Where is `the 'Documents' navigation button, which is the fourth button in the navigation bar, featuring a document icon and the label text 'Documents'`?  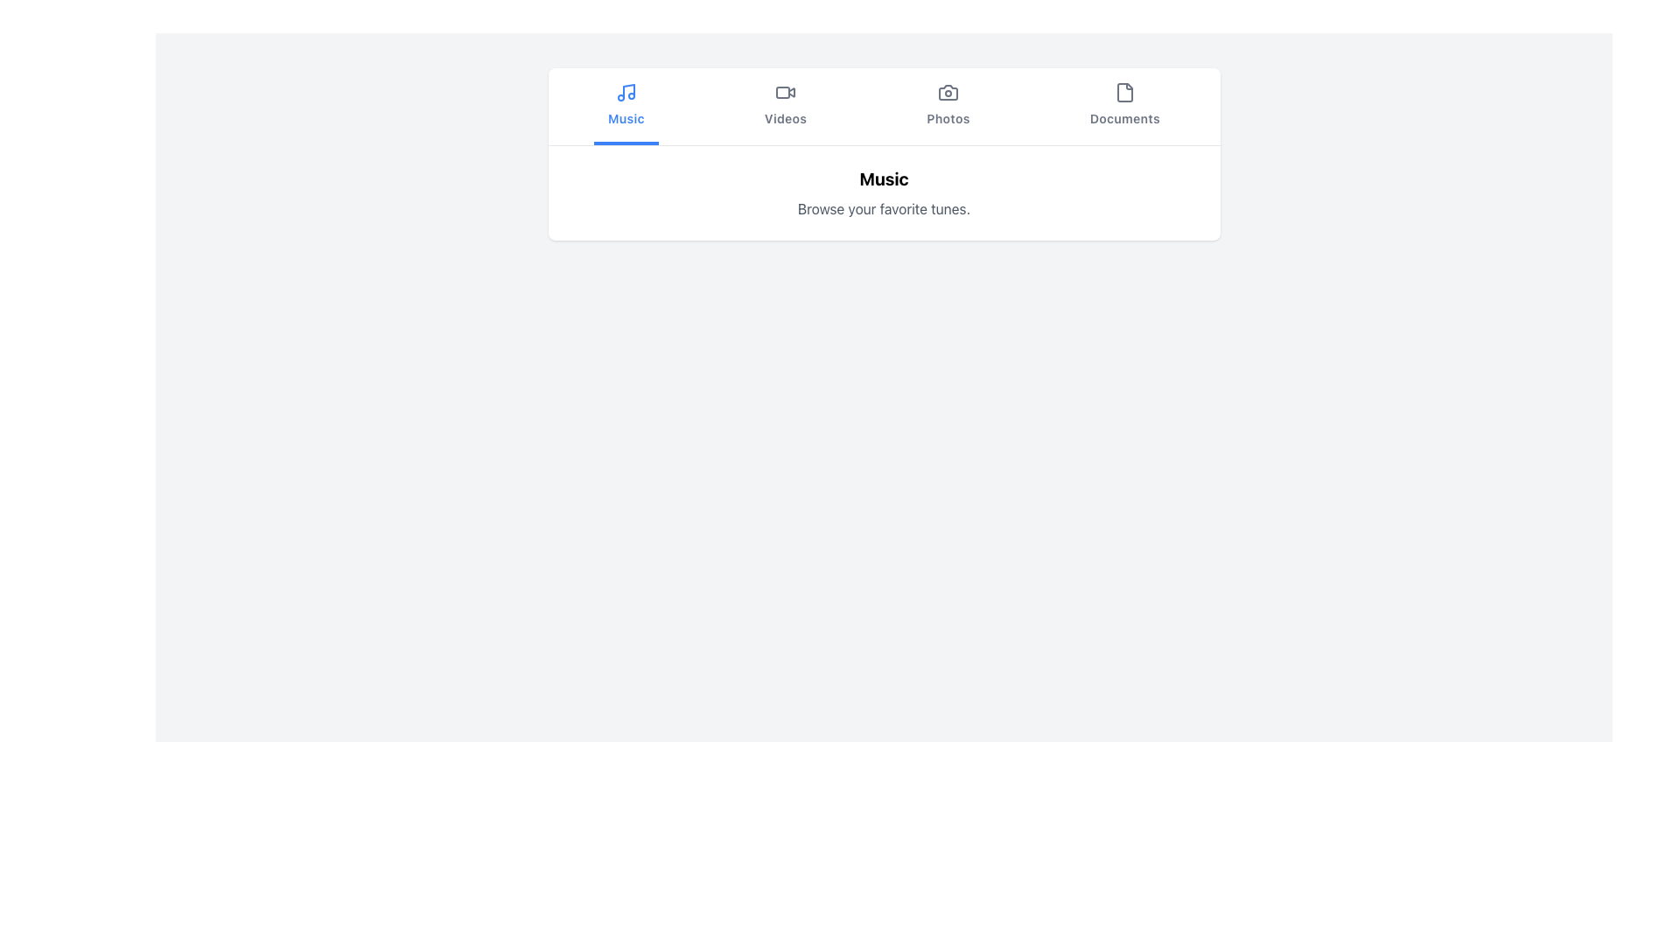 the 'Documents' navigation button, which is the fourth button in the navigation bar, featuring a document icon and the label text 'Documents' is located at coordinates (1124, 107).